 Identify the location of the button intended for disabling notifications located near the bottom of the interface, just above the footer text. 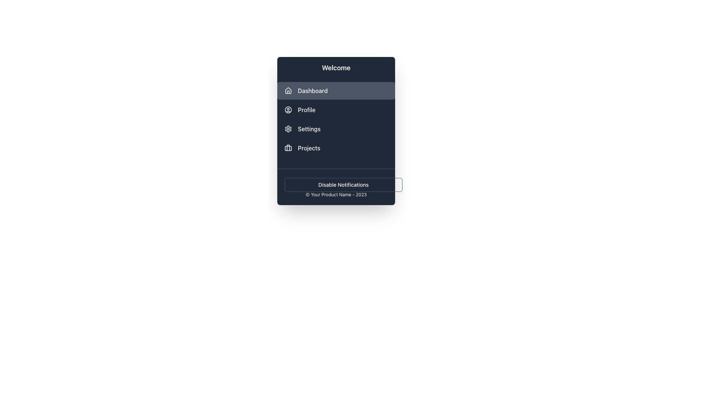
(335, 180).